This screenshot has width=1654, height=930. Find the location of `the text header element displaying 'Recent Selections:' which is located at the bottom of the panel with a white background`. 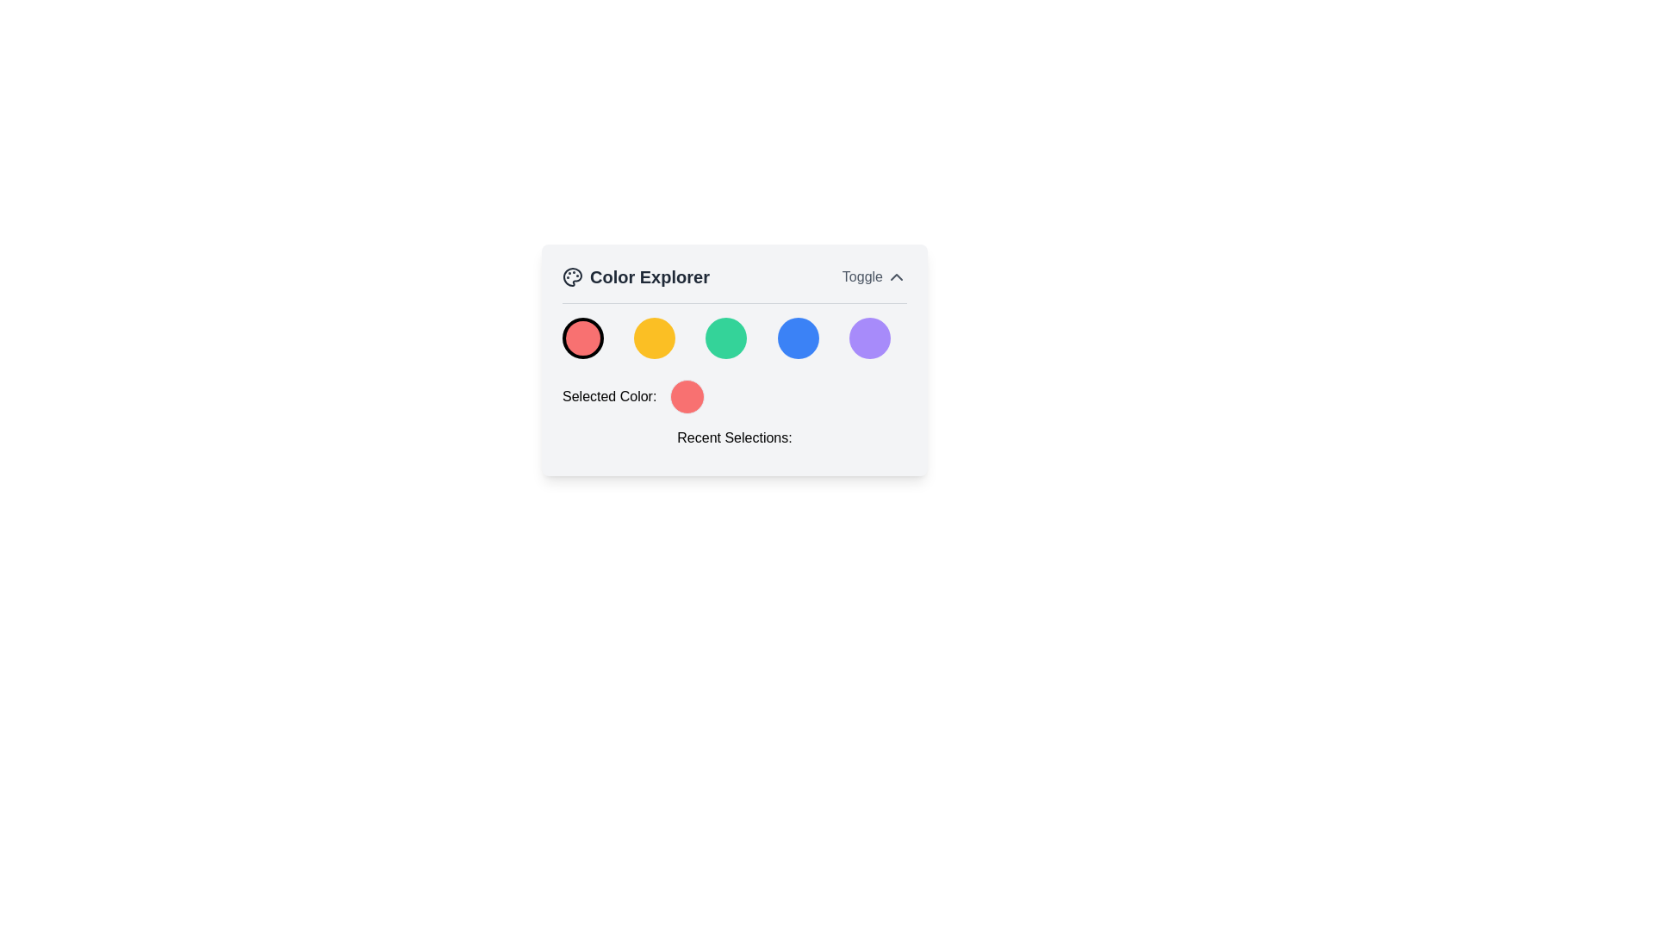

the text header element displaying 'Recent Selections:' which is located at the bottom of the panel with a white background is located at coordinates (735, 434).